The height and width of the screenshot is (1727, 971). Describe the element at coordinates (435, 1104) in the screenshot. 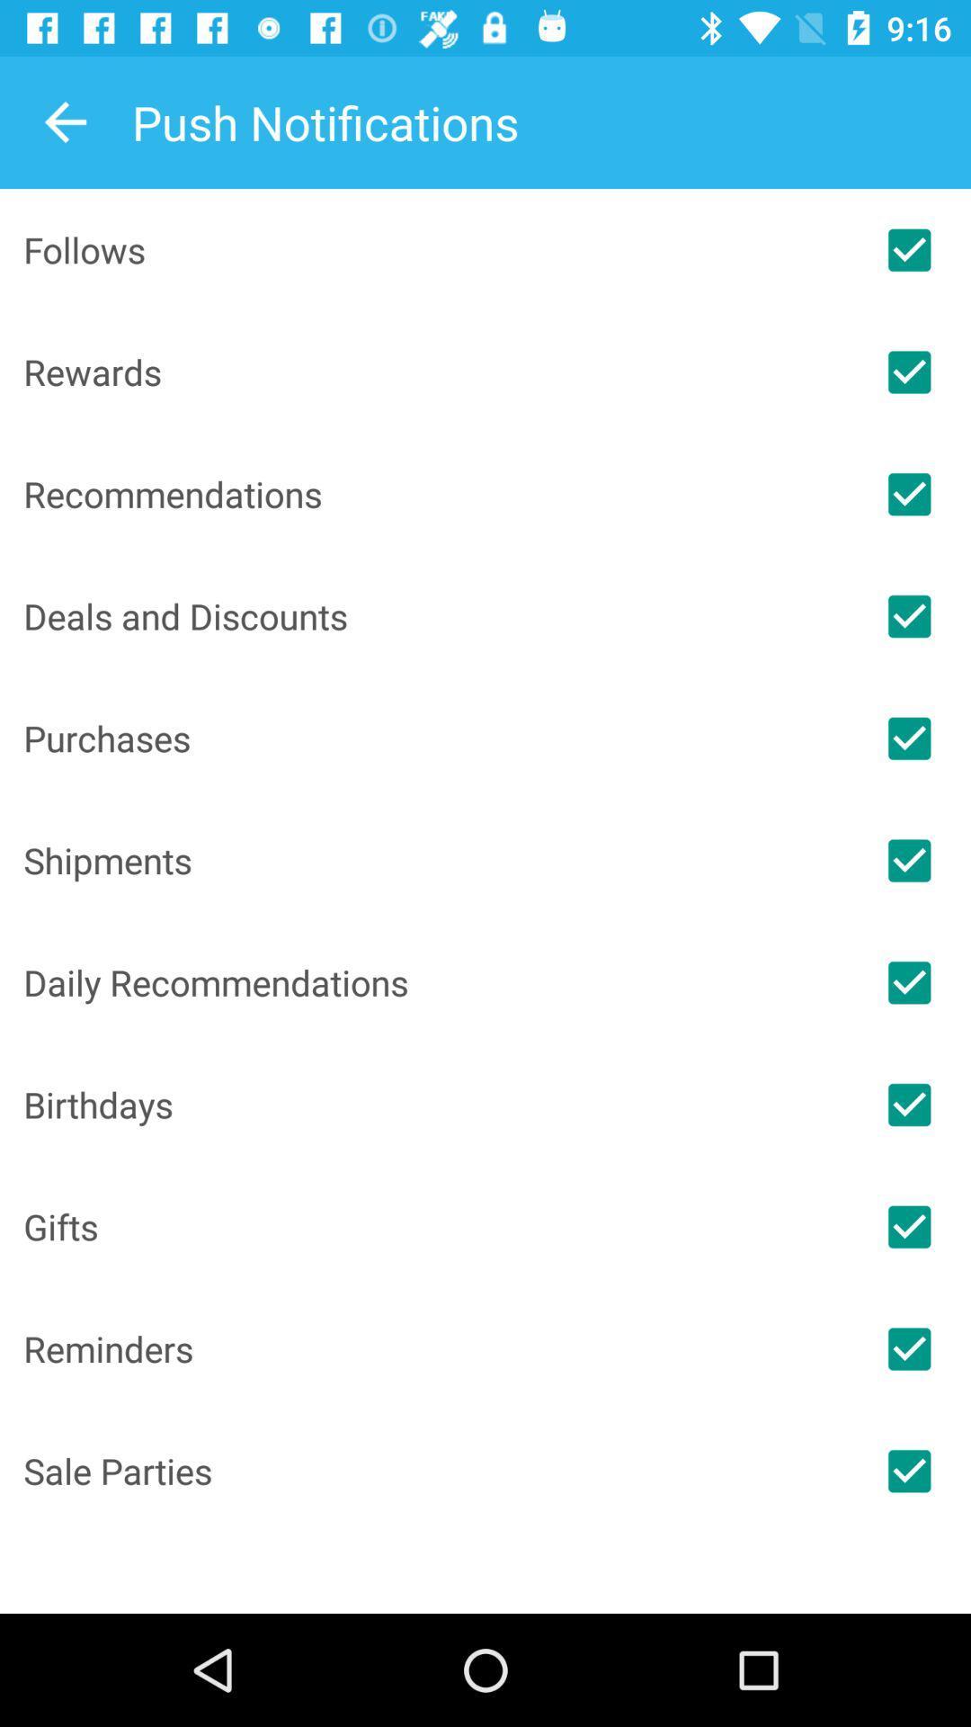

I see `the item above the gifts icon` at that location.